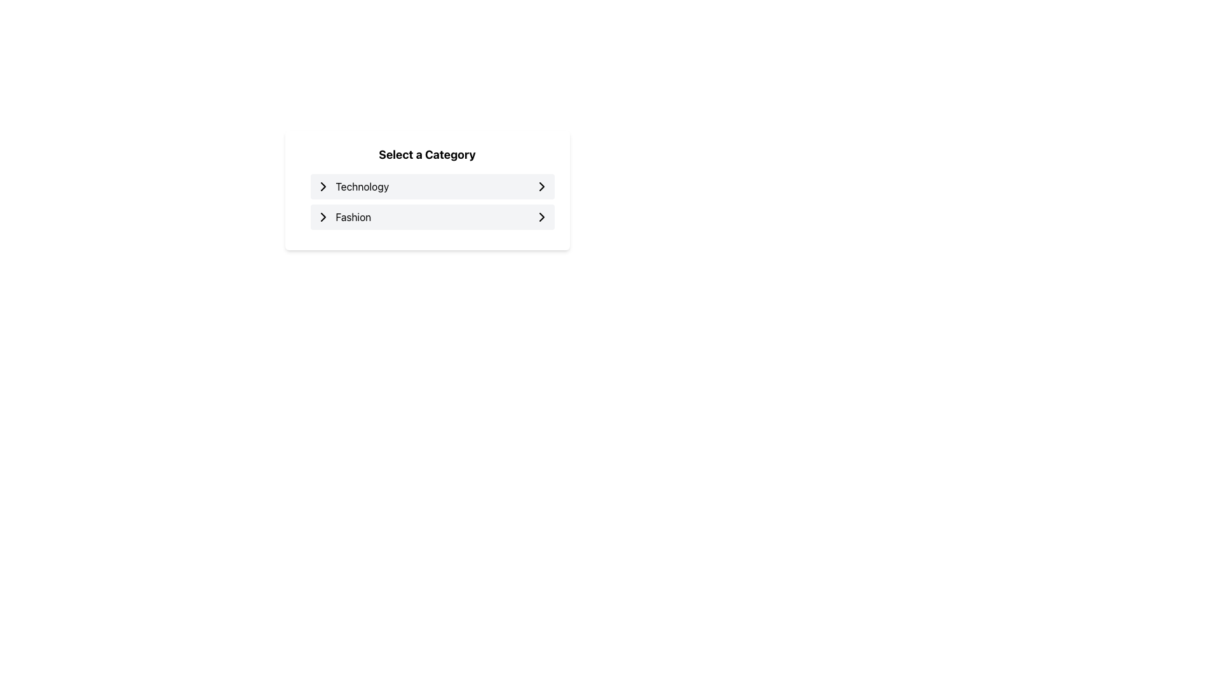  What do you see at coordinates (352, 186) in the screenshot?
I see `the List Item labeled 'Technology'` at bounding box center [352, 186].